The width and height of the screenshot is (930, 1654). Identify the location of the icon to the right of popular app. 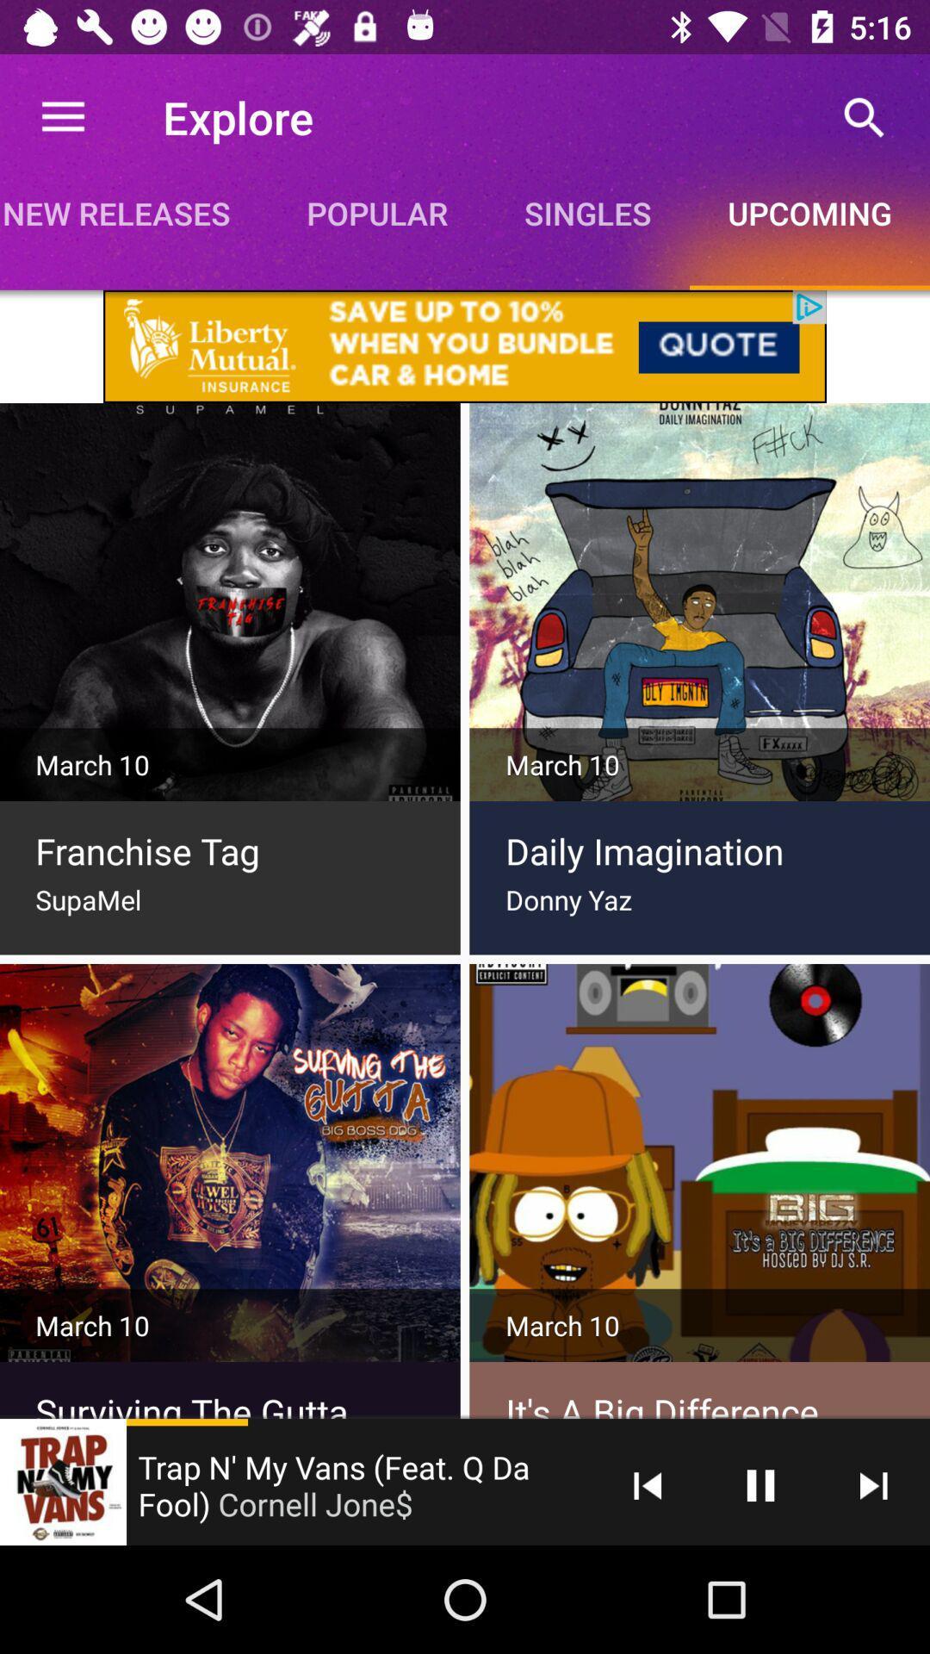
(586, 212).